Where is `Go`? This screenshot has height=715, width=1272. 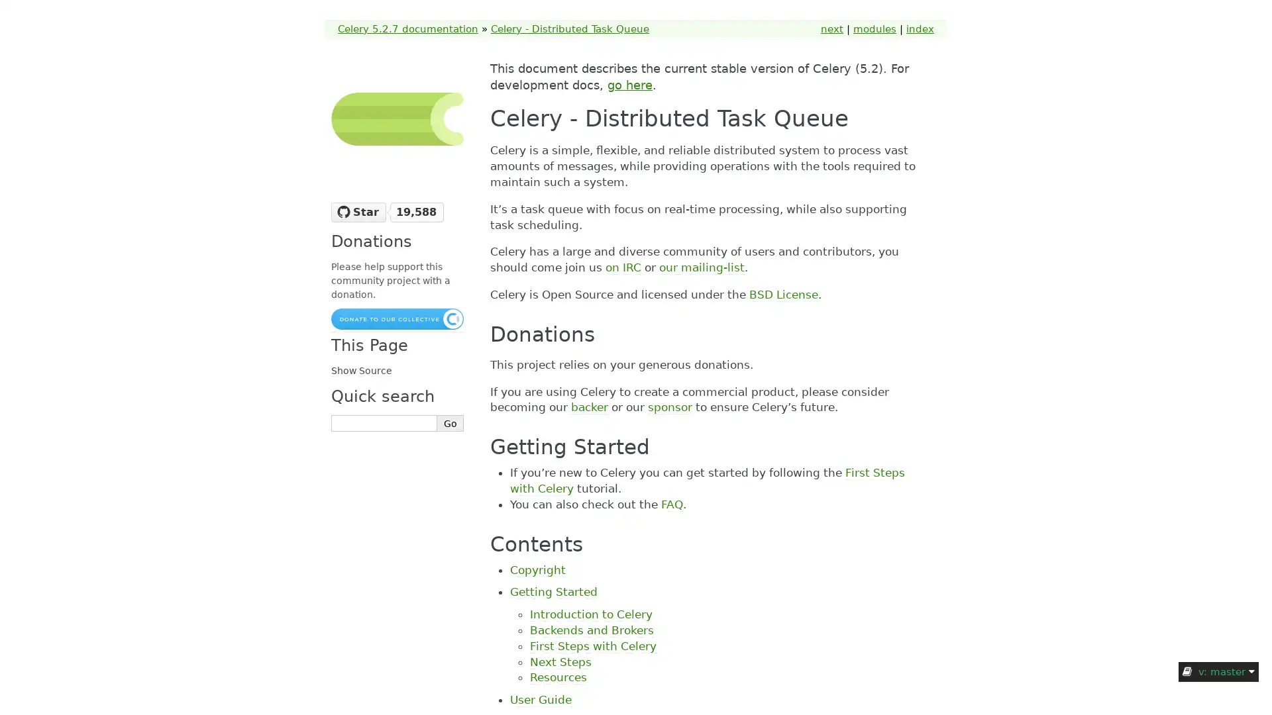 Go is located at coordinates (450, 423).